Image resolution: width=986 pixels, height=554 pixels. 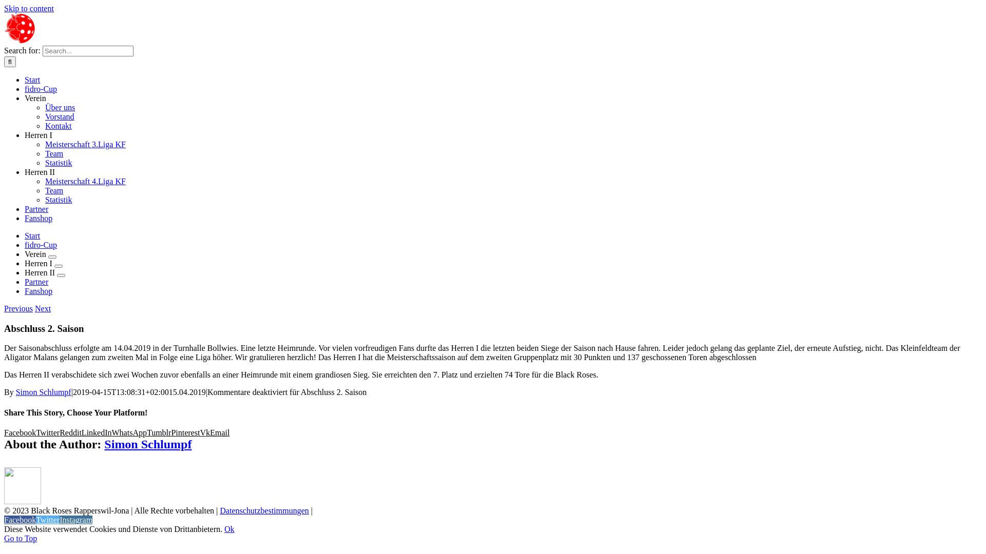 What do you see at coordinates (29, 8) in the screenshot?
I see `'Skip to content'` at bounding box center [29, 8].